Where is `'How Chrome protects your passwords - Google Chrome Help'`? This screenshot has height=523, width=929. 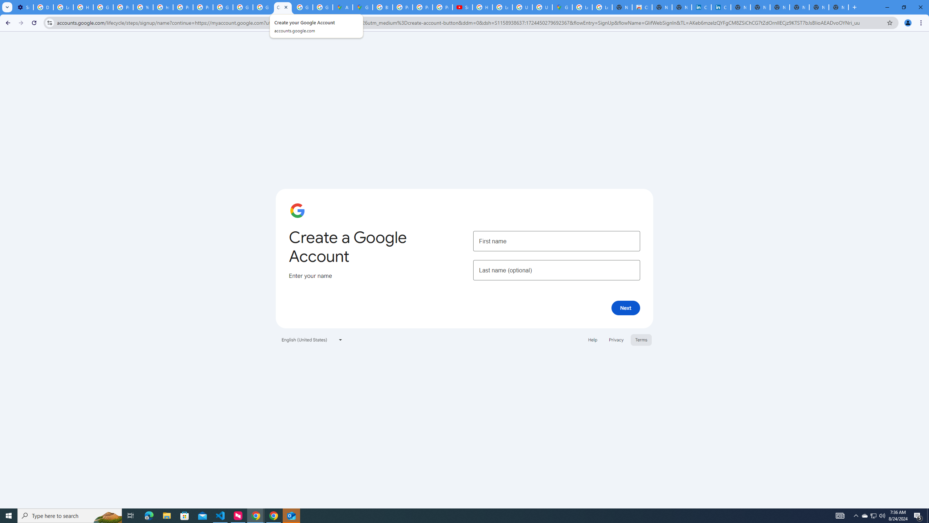 'How Chrome protects your passwords - Google Chrome Help' is located at coordinates (482, 7).